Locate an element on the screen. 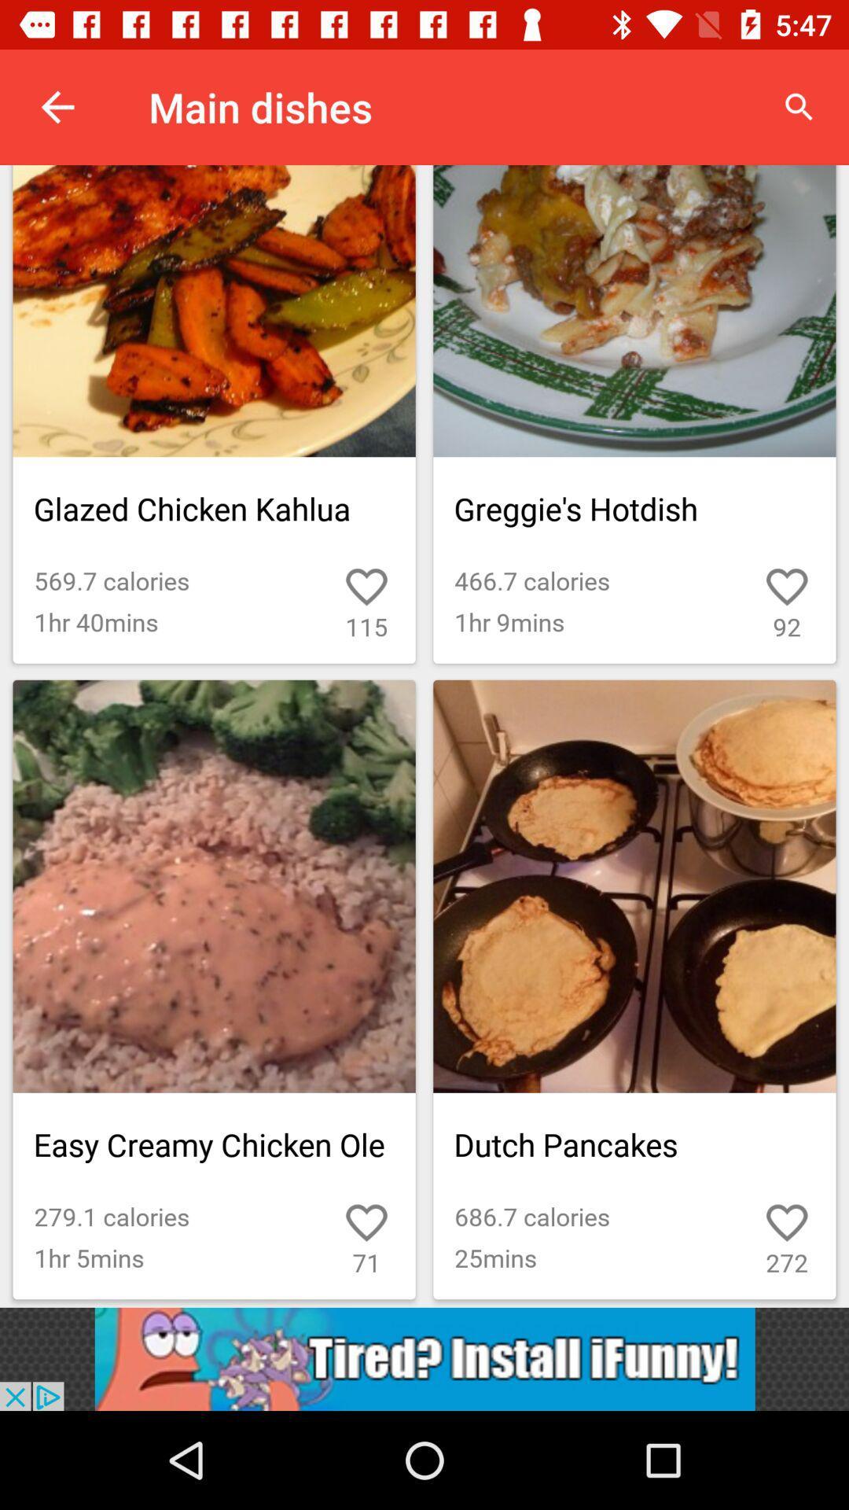 The height and width of the screenshot is (1510, 849). the favorite icon is located at coordinates (751, 1210).